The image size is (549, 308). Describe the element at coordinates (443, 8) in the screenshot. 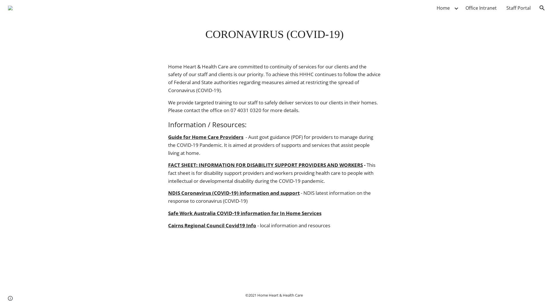

I see `'Home'` at that location.